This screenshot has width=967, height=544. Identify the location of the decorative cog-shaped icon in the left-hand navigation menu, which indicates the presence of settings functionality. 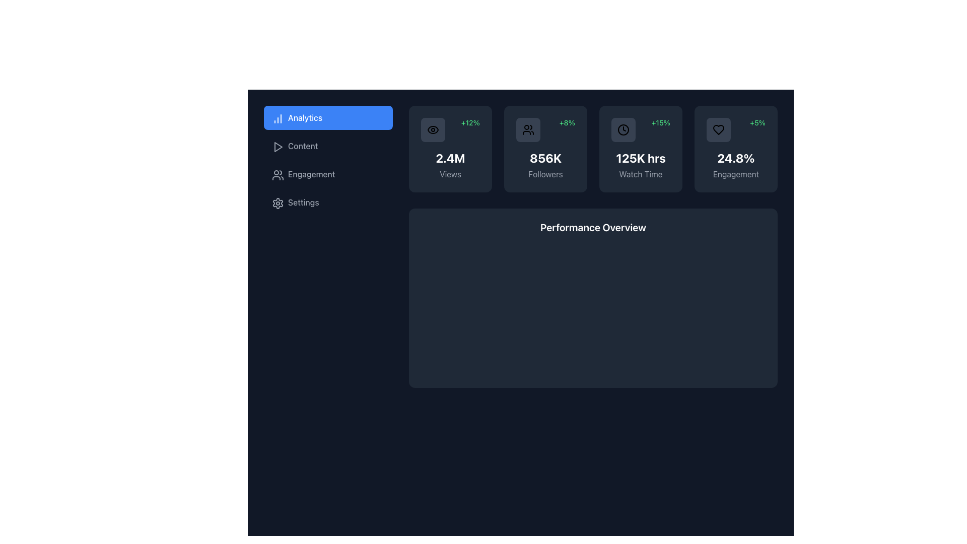
(278, 203).